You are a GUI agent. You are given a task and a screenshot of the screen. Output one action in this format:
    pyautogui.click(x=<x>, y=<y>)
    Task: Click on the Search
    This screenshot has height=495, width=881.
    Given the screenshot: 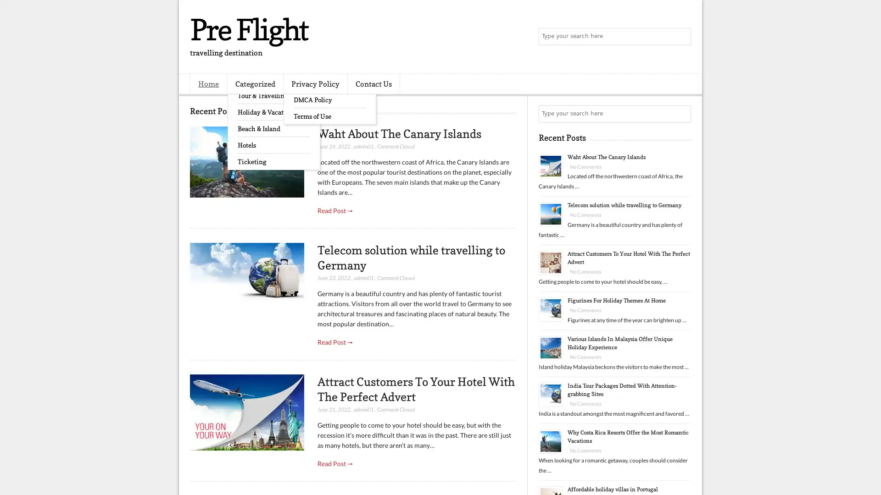 What is the action you would take?
    pyautogui.click(x=681, y=114)
    